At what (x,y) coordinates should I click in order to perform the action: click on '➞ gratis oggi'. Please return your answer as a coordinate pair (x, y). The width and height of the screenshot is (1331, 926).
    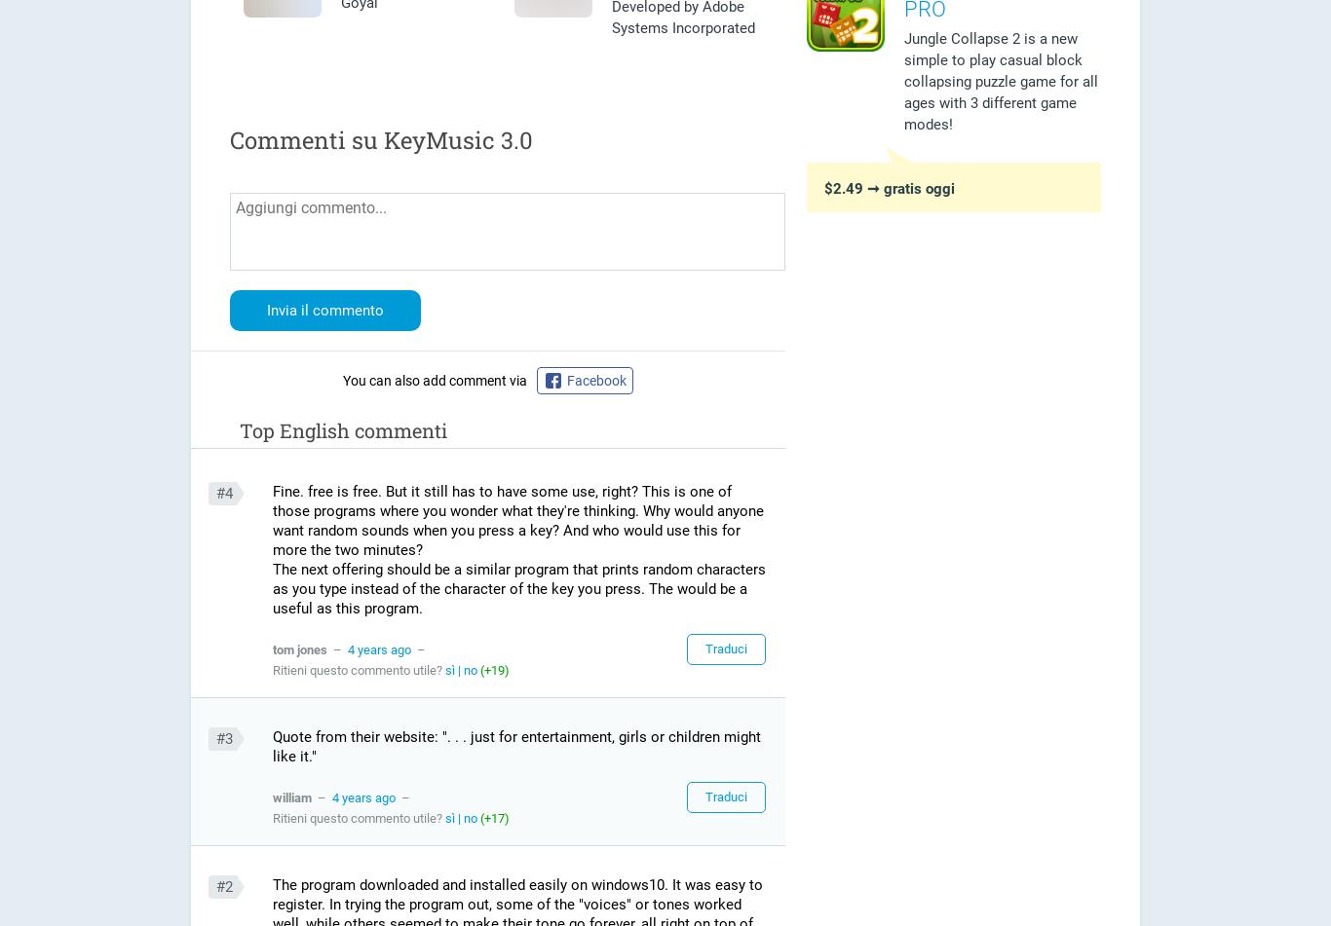
    Looking at the image, I should click on (908, 187).